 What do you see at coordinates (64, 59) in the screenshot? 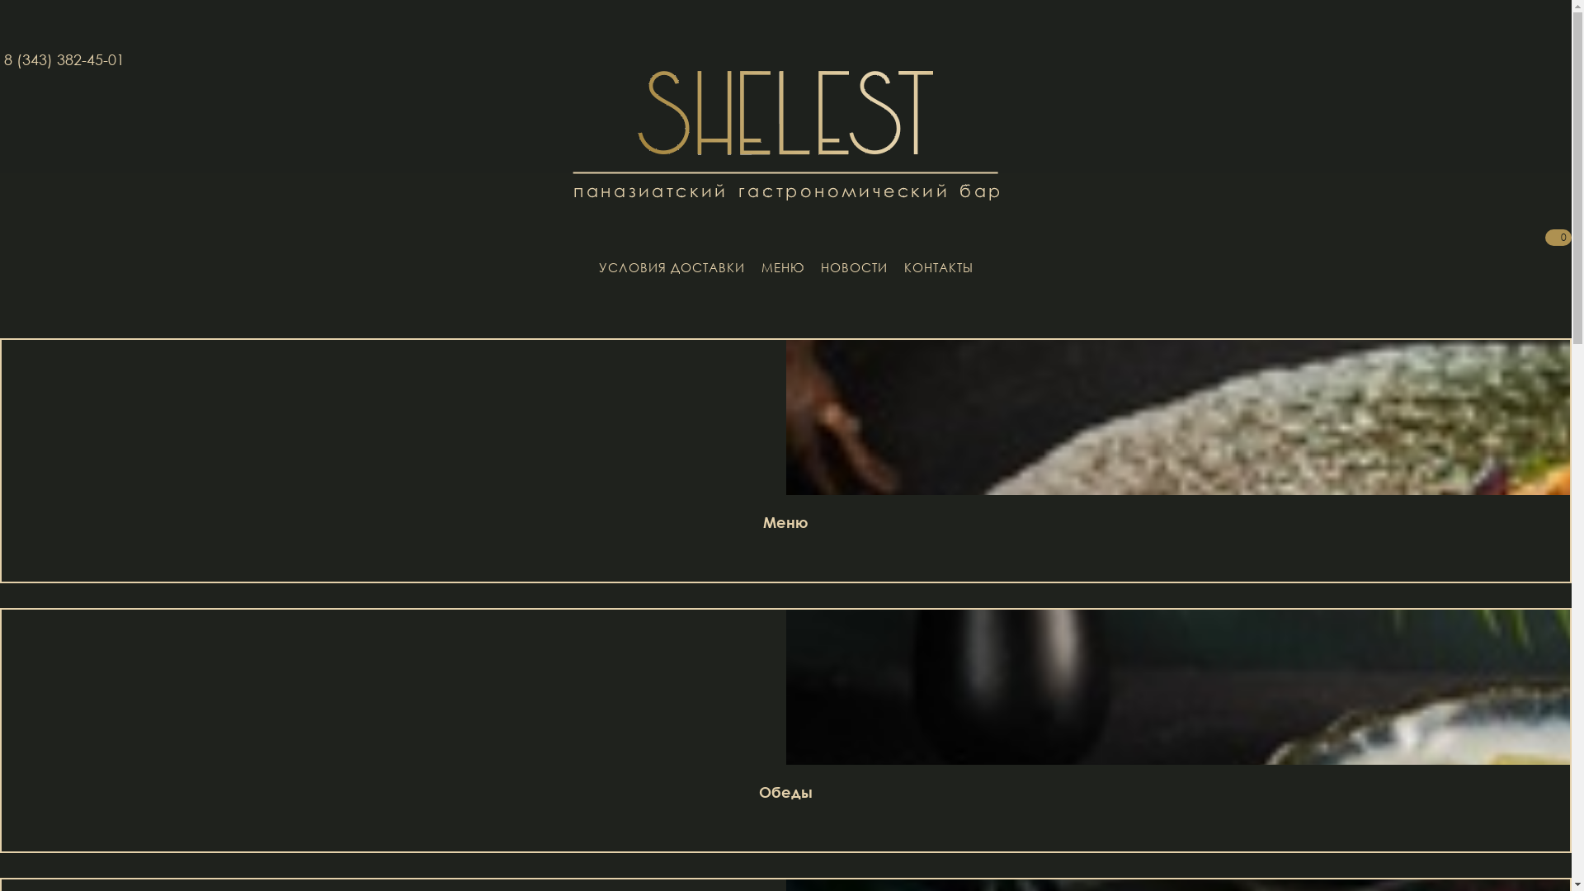
I see `'8 (343) 382-45-01'` at bounding box center [64, 59].